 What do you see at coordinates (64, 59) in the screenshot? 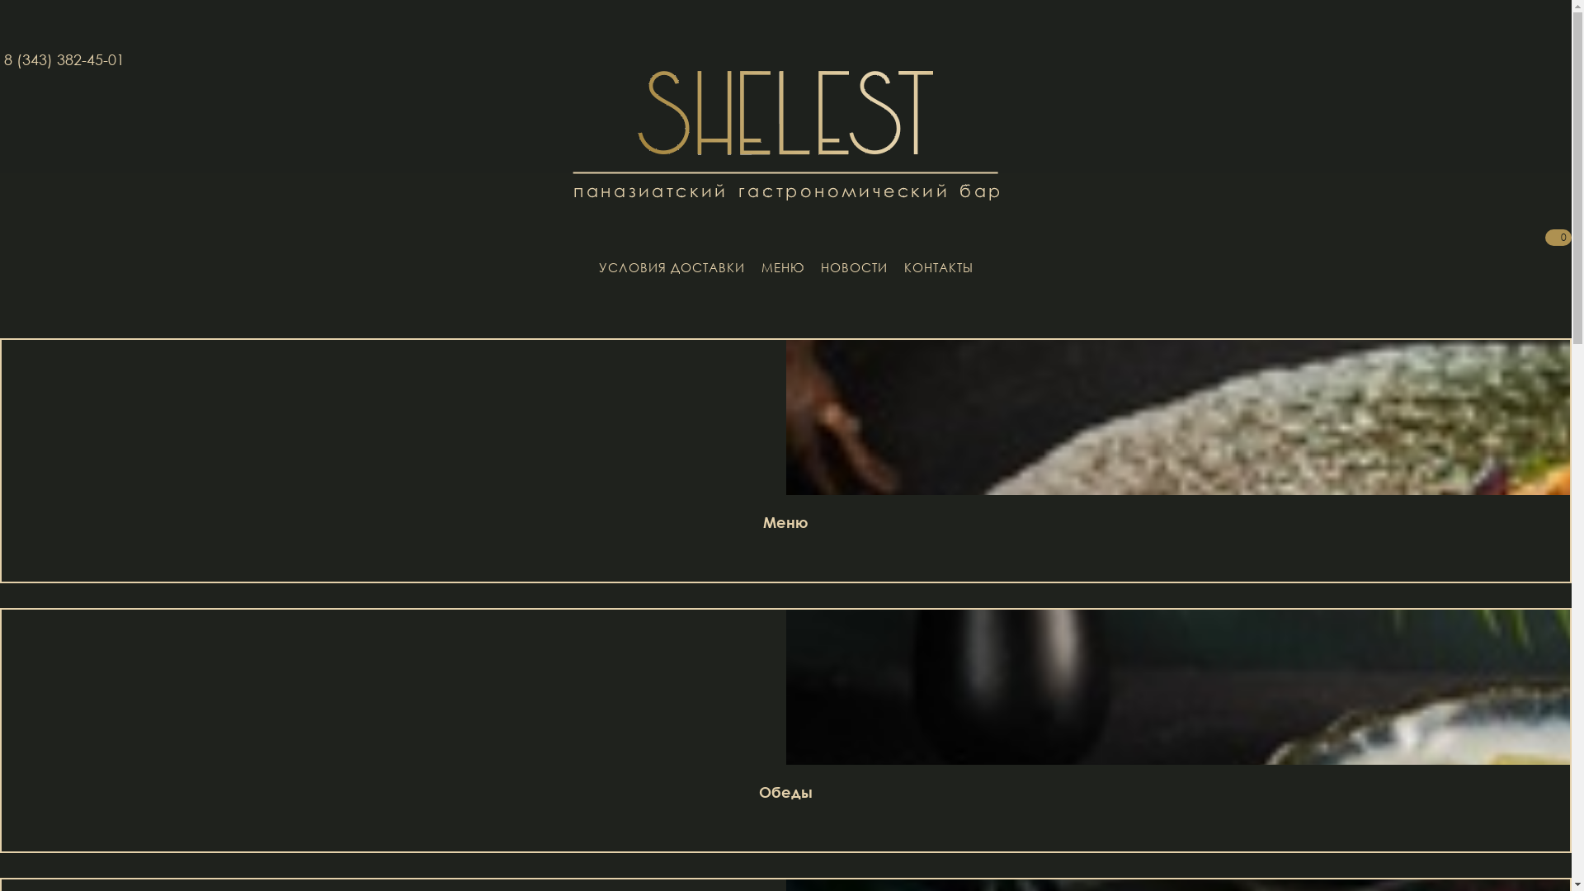
I see `'8 (343) 382-45-01'` at bounding box center [64, 59].